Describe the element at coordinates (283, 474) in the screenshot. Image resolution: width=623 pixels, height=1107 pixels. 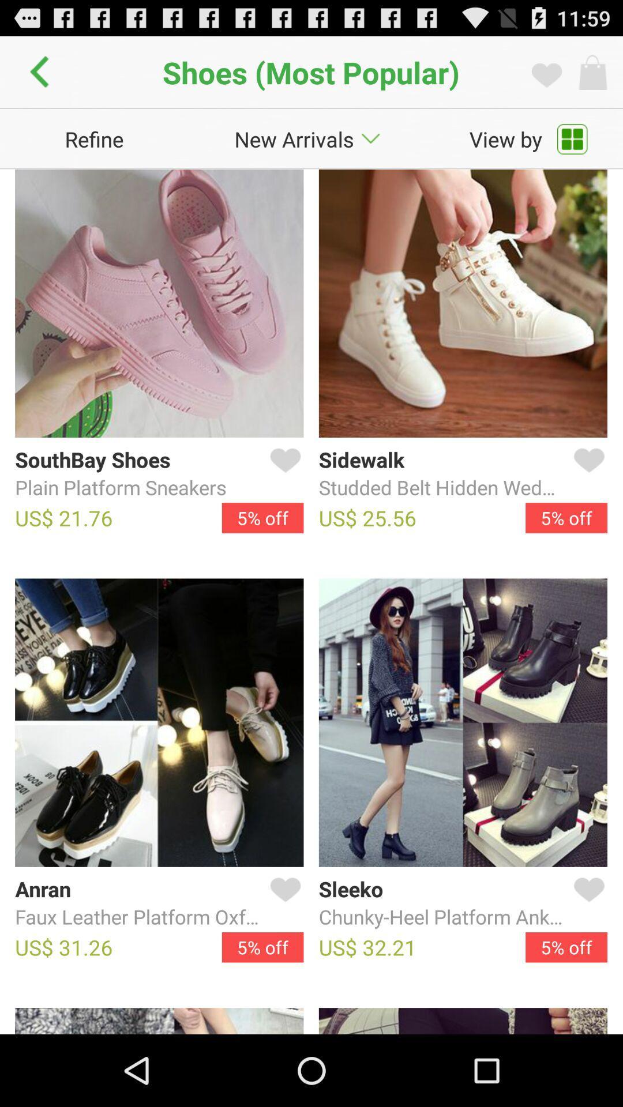
I see `to favorites` at that location.